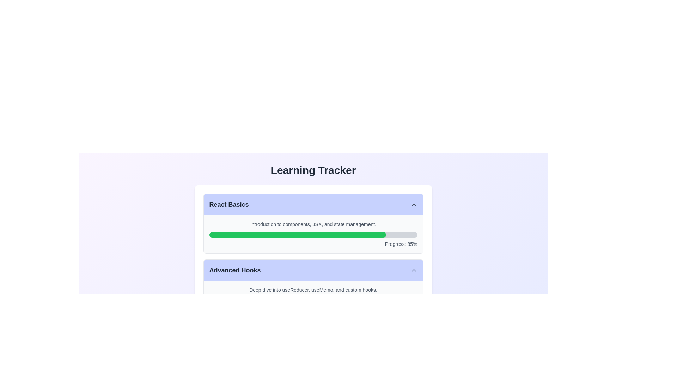 Image resolution: width=677 pixels, height=381 pixels. Describe the element at coordinates (313, 235) in the screenshot. I see `the horizontal progress bar that is located below the text 'Introduction to components, JSX, and state management.' and above 'Progress: 85%' in the 'React Basics' section, which is characterized by a green-filled portion extending to 85% of its width and smooth rounded edges` at that location.